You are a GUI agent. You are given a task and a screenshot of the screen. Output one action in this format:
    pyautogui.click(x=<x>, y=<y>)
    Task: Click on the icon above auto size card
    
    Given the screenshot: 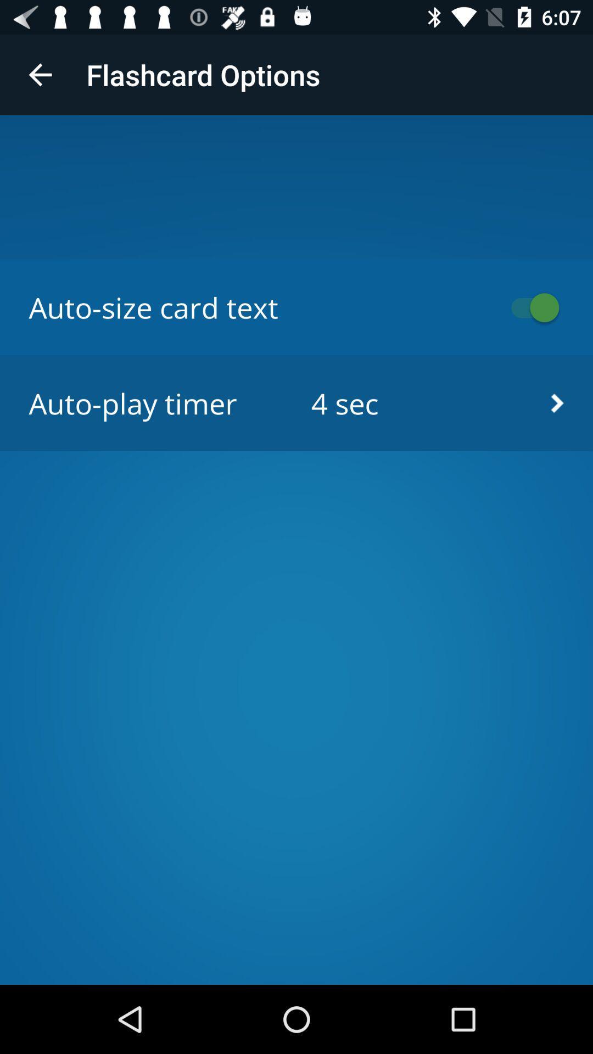 What is the action you would take?
    pyautogui.click(x=40, y=74)
    